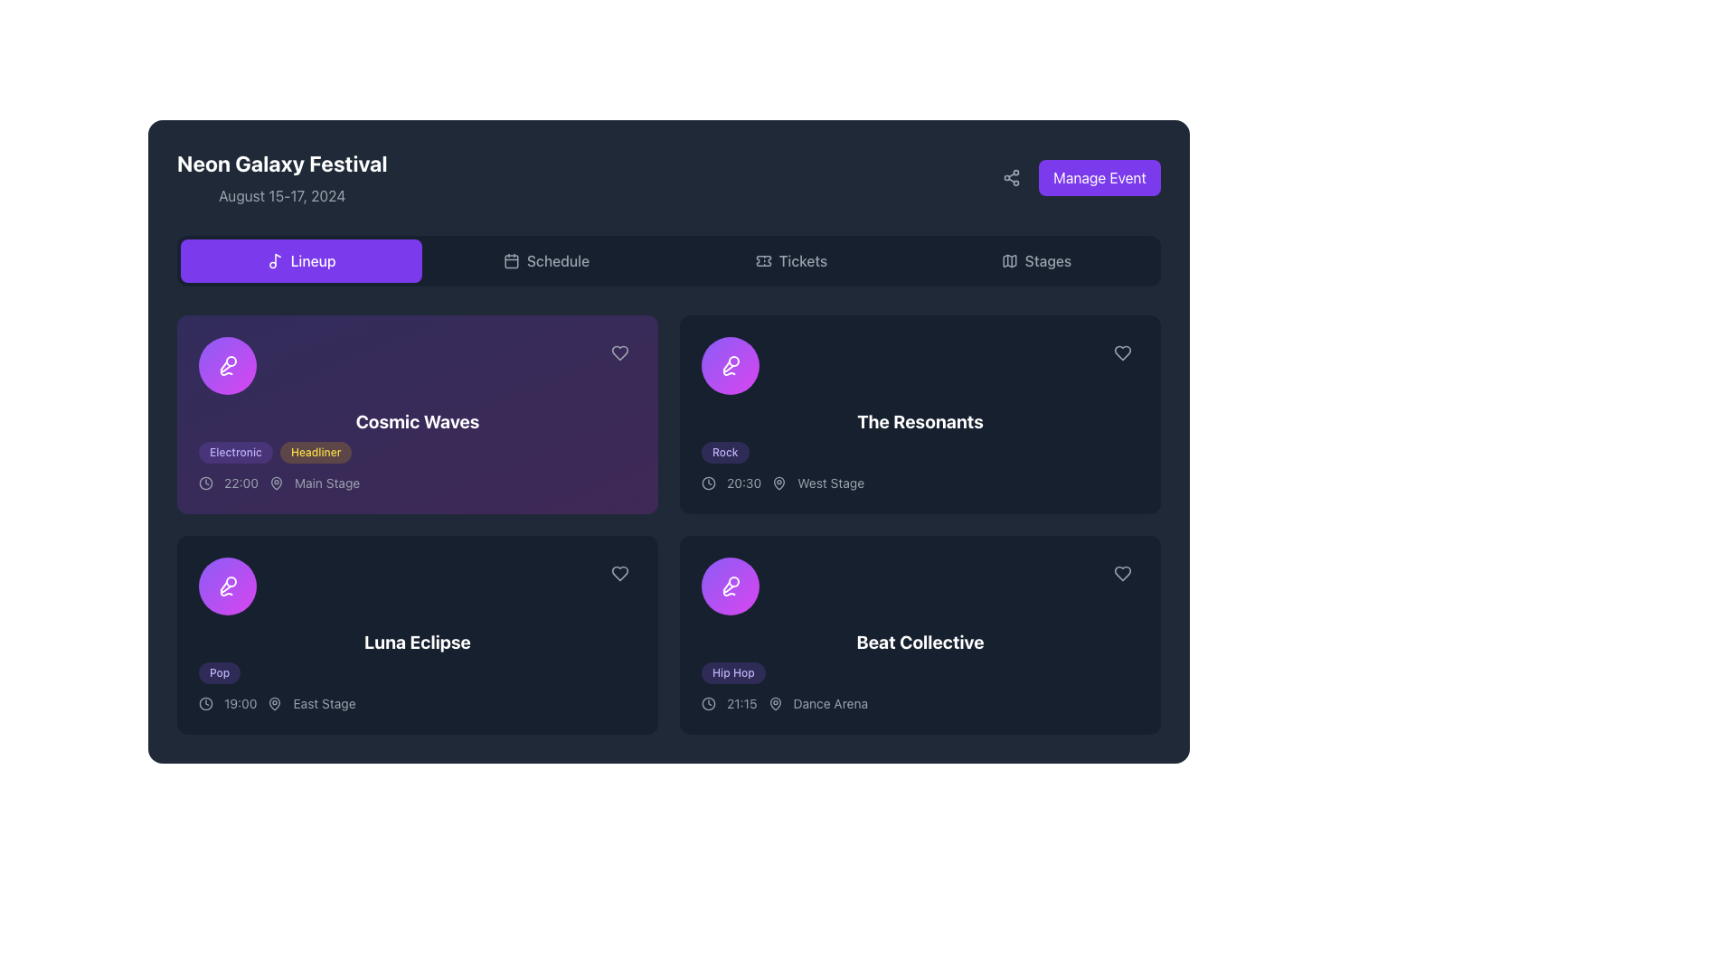  What do you see at coordinates (511, 261) in the screenshot?
I see `the main body of the calendar icon, represented by the SVG Rectangle Element` at bounding box center [511, 261].